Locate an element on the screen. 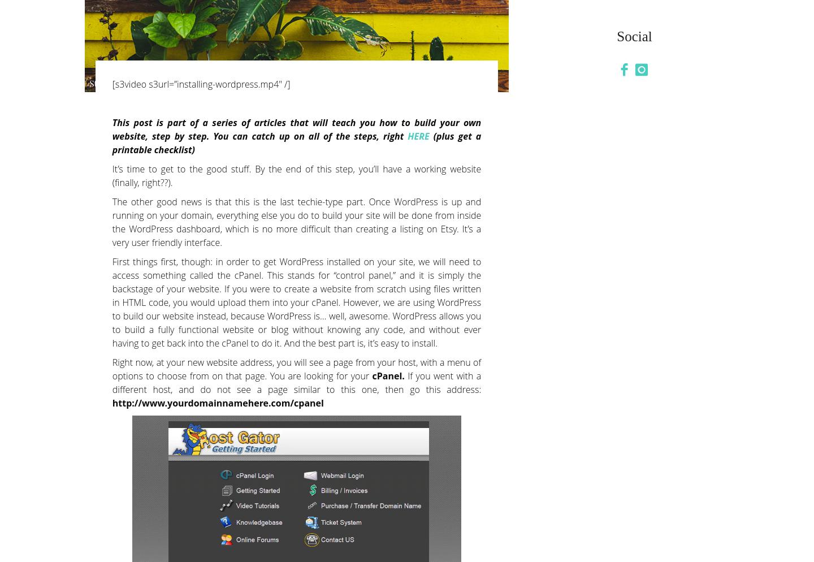  'HERE' is located at coordinates (407, 136).